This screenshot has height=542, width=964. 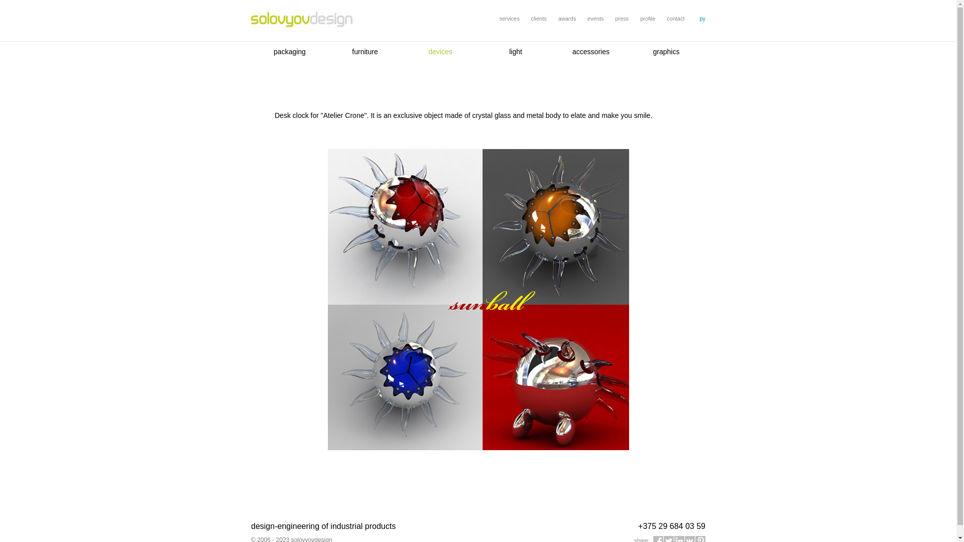 I want to click on 'devices', so click(x=440, y=52).